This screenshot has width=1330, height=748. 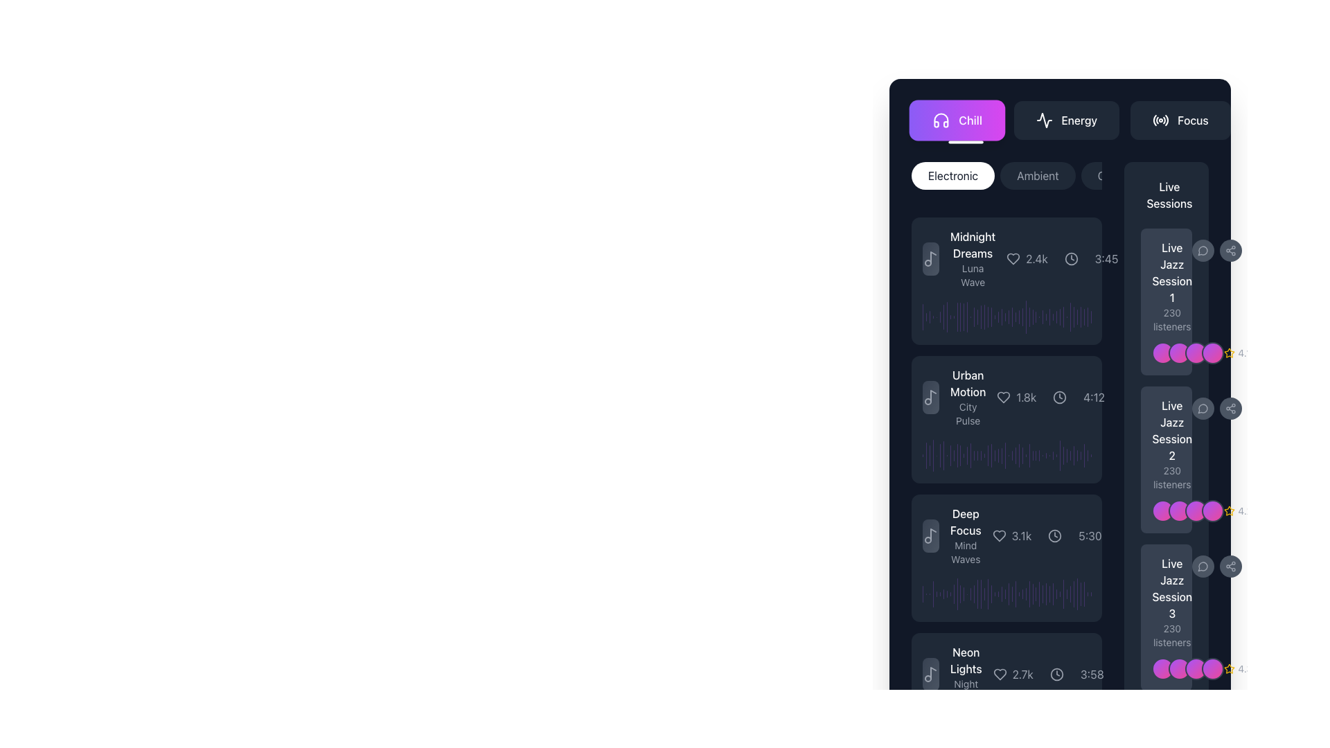 I want to click on the yellow star icon to rate the 'Live Jazz Session' with a rating of 4.2, so click(x=1230, y=510).